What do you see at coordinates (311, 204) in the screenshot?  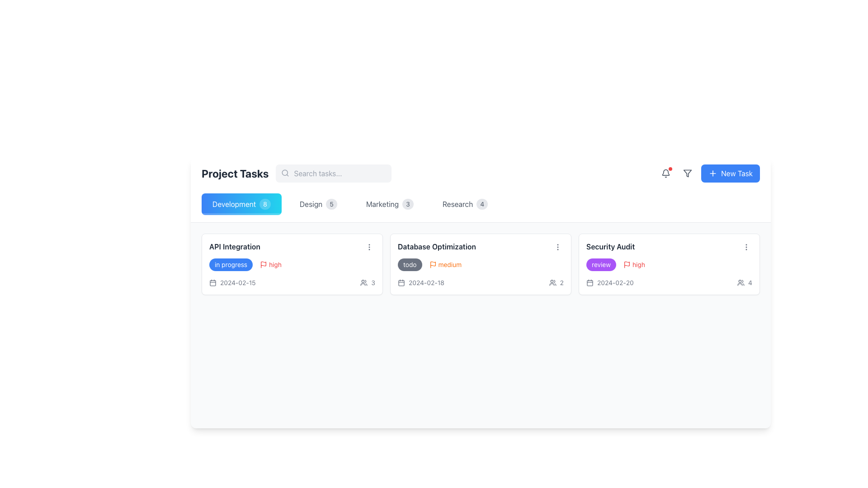 I see `the 'Design' label in the navigation bar` at bounding box center [311, 204].